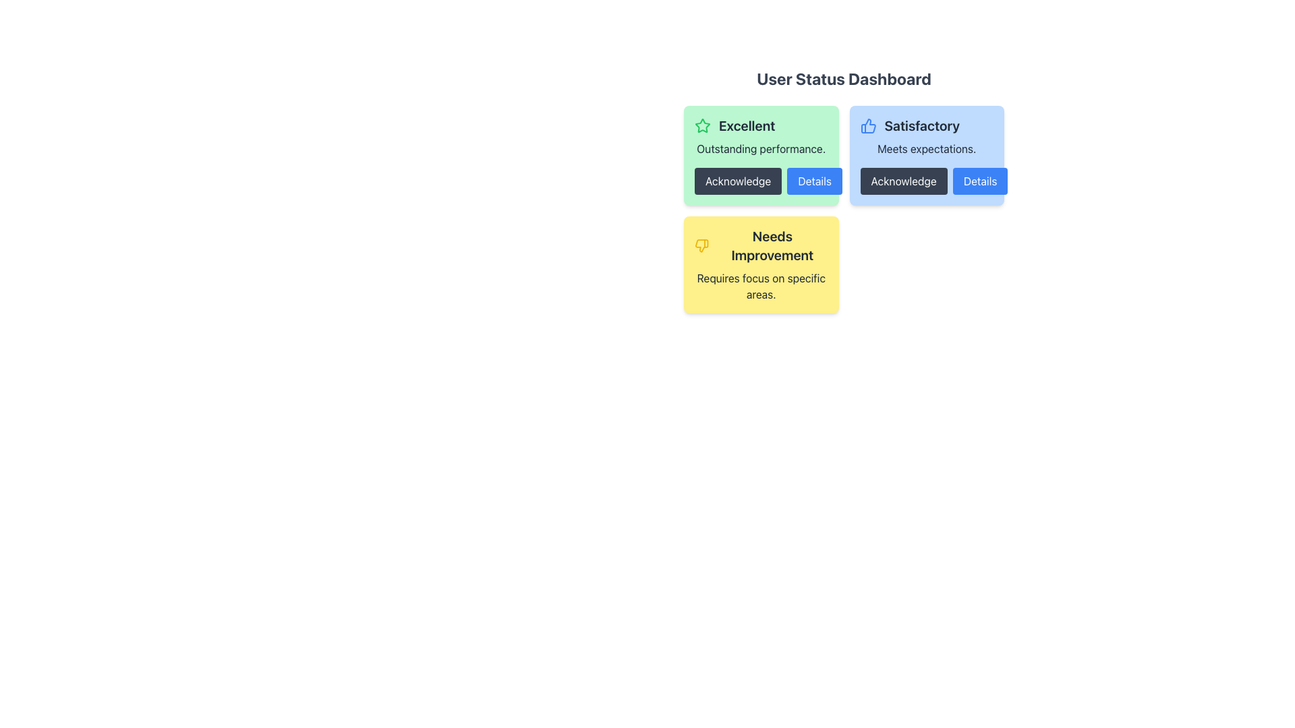  Describe the element at coordinates (746, 125) in the screenshot. I see `the 'Excellent' text label located in the top-left card of a 2x2 grid layout, adjacent to a star icon` at that location.